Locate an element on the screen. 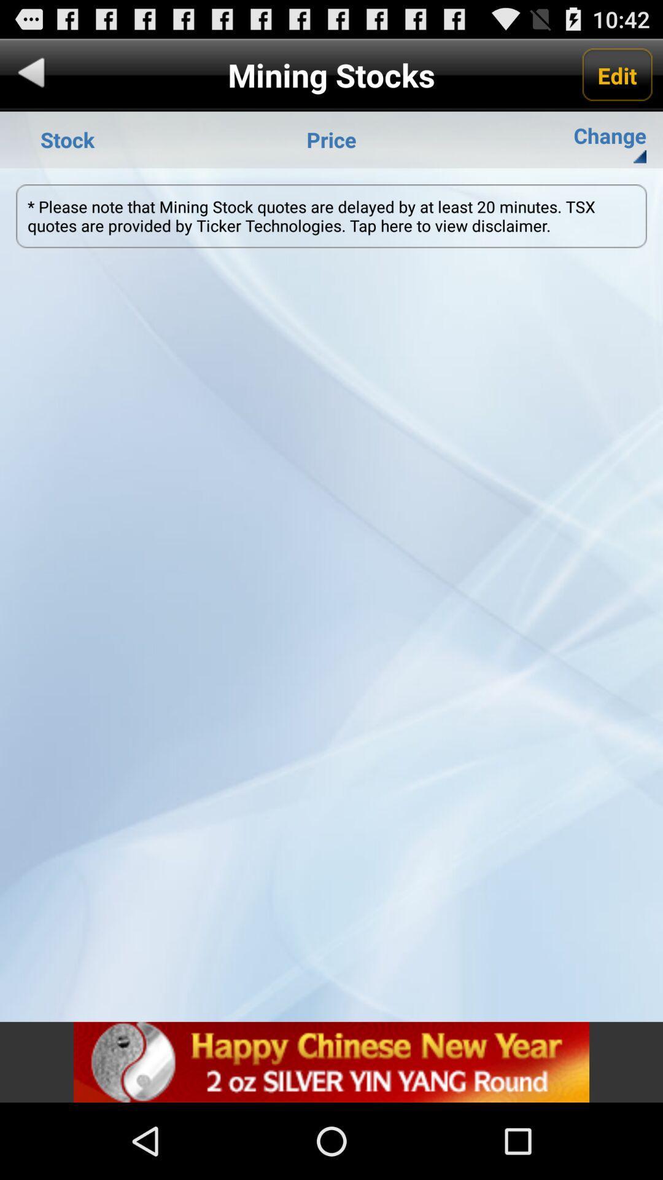 Image resolution: width=663 pixels, height=1180 pixels. click advertisement is located at coordinates (331, 1061).